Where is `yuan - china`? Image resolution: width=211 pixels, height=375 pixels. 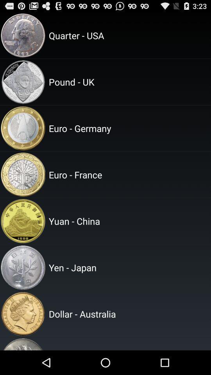
yuan - china is located at coordinates (129, 221).